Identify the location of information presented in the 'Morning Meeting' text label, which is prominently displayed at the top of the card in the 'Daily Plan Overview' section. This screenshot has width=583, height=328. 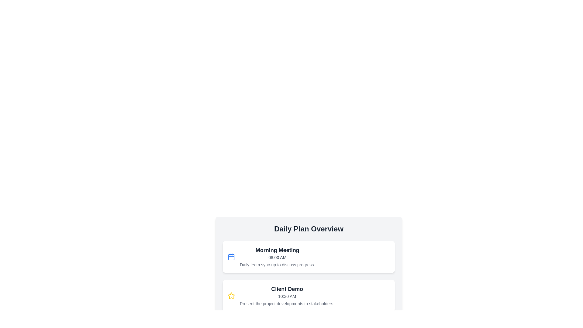
(277, 250).